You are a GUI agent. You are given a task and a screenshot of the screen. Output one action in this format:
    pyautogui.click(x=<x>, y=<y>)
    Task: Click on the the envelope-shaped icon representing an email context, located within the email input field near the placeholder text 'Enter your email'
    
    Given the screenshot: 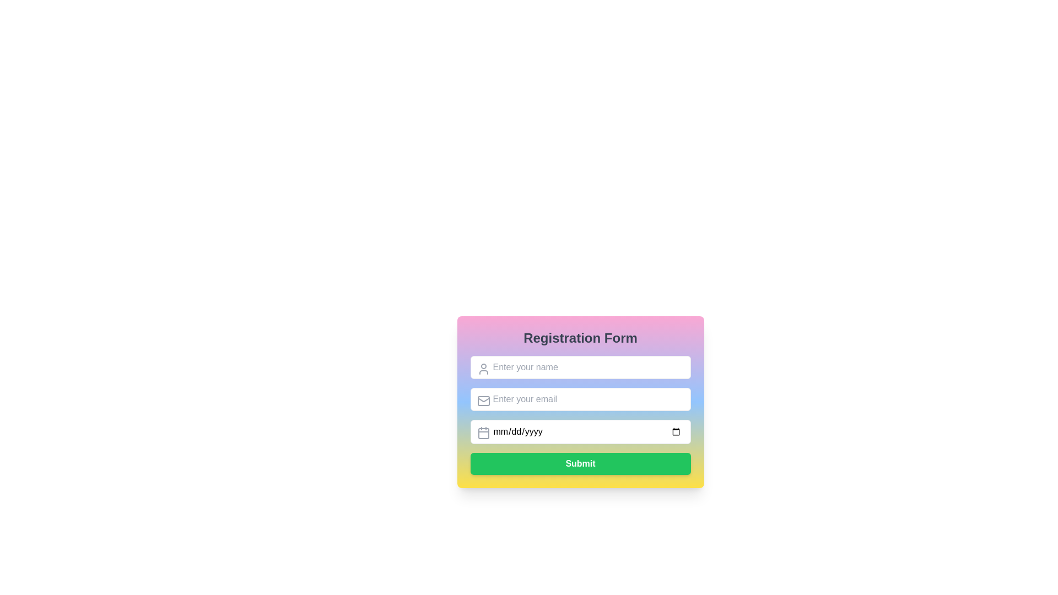 What is the action you would take?
    pyautogui.click(x=483, y=401)
    